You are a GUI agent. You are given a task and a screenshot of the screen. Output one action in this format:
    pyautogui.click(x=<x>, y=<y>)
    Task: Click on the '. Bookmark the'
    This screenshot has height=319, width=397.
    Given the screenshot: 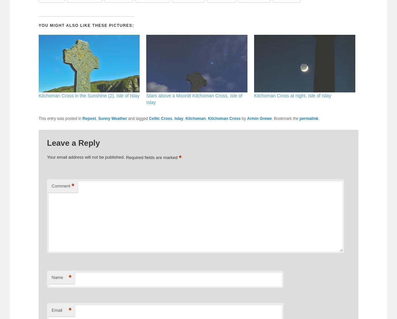 What is the action you would take?
    pyautogui.click(x=285, y=118)
    